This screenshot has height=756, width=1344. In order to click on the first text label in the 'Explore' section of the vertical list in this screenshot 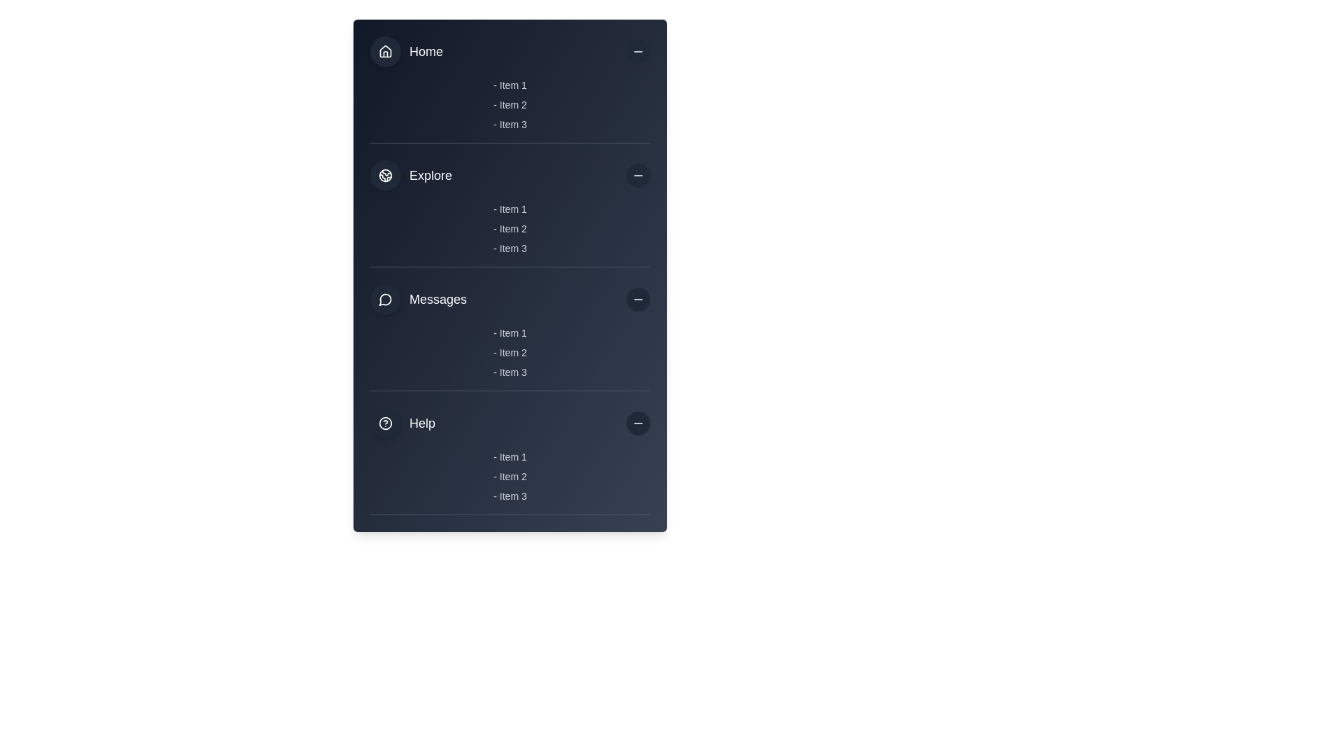, I will do `click(510, 209)`.